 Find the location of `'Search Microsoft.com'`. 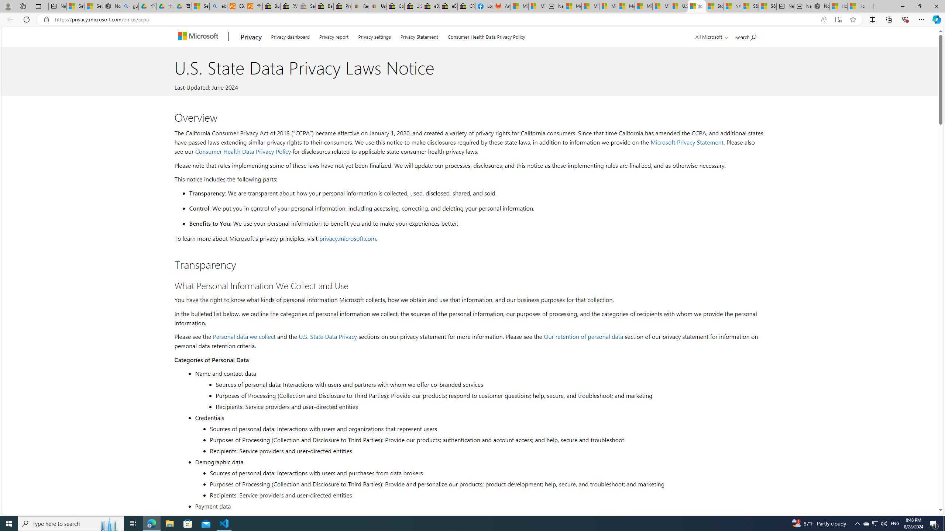

'Search Microsoft.com' is located at coordinates (746, 35).